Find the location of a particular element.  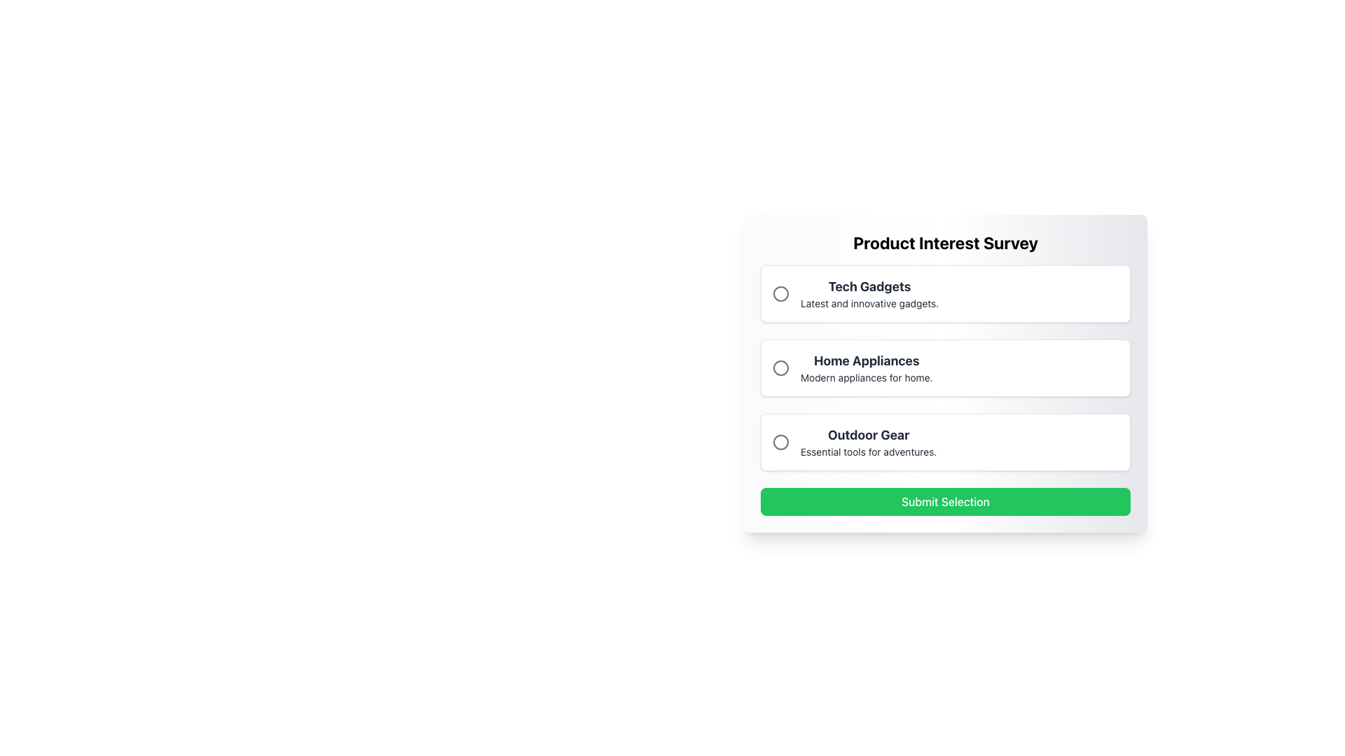

the descriptive text label for 'Home Appliances' in the survey, located centrally below the heading is located at coordinates (866, 378).